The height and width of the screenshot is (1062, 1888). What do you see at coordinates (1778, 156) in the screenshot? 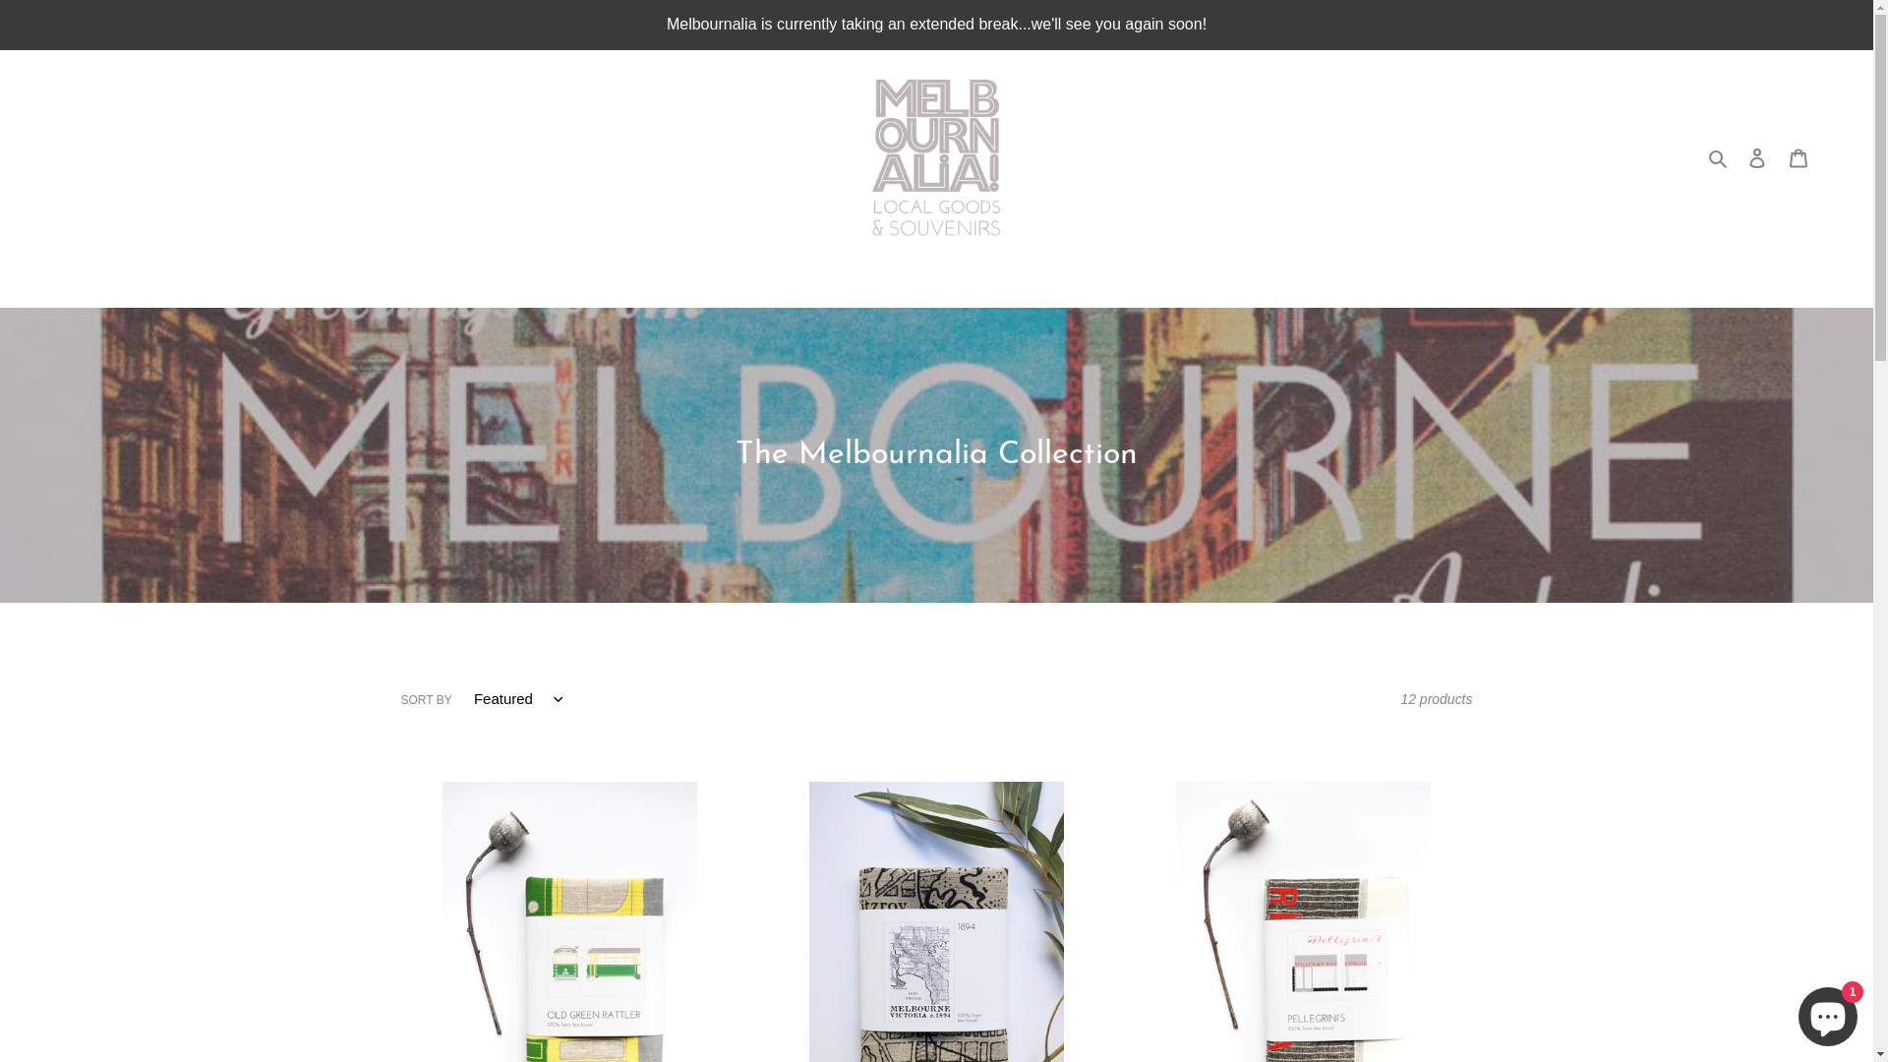
I see `'Cart'` at bounding box center [1778, 156].